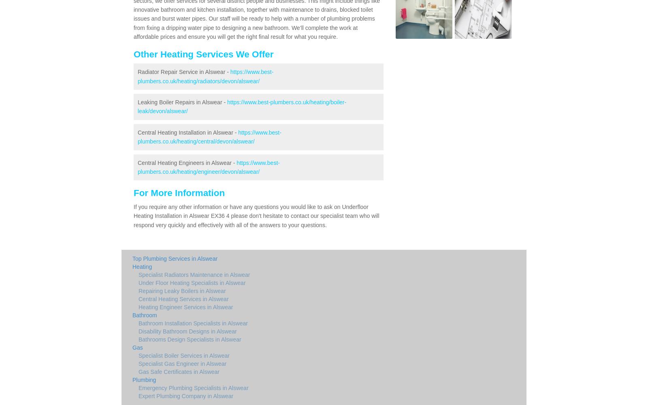 This screenshot has height=405, width=648. What do you see at coordinates (179, 192) in the screenshot?
I see `'For More Information'` at bounding box center [179, 192].